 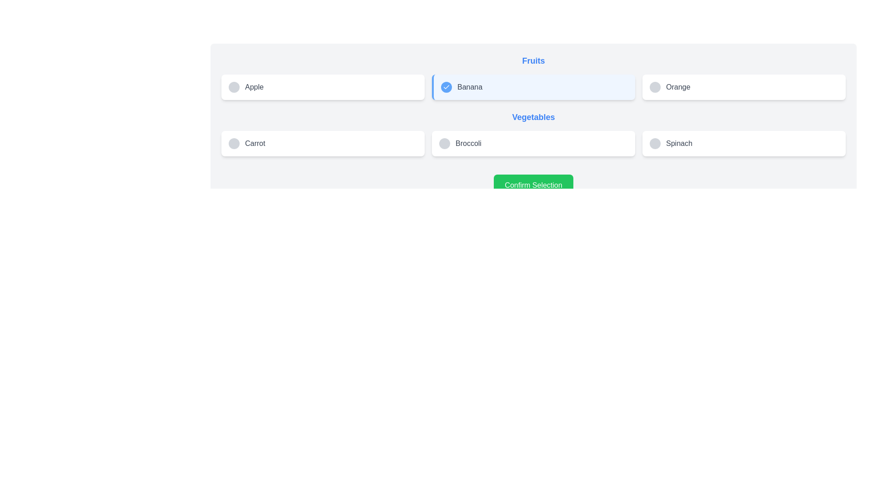 What do you see at coordinates (445, 143) in the screenshot?
I see `the Radio Button or Selector Indicator located to the left of the text 'Broccoli' under the 'Vegetables' section` at bounding box center [445, 143].